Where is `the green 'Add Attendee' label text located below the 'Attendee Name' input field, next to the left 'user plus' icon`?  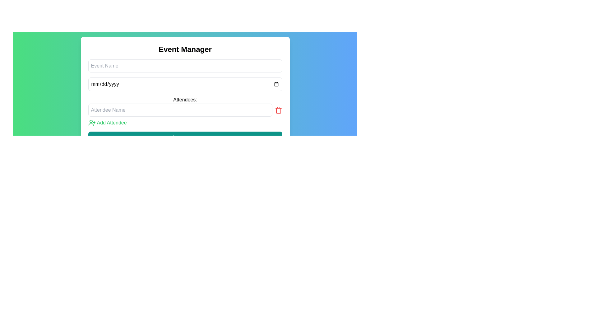 the green 'Add Attendee' label text located below the 'Attendee Name' input field, next to the left 'user plus' icon is located at coordinates (112, 123).